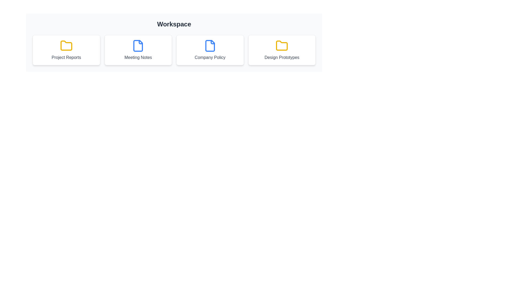  What do you see at coordinates (138, 58) in the screenshot?
I see `the 'Meeting Notes' text label element, which is displayed in gray and positioned beneath the document icon in the second card from the left` at bounding box center [138, 58].